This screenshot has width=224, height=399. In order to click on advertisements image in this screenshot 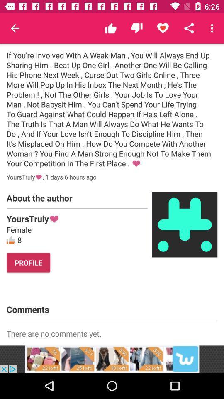, I will do `click(112, 359)`.